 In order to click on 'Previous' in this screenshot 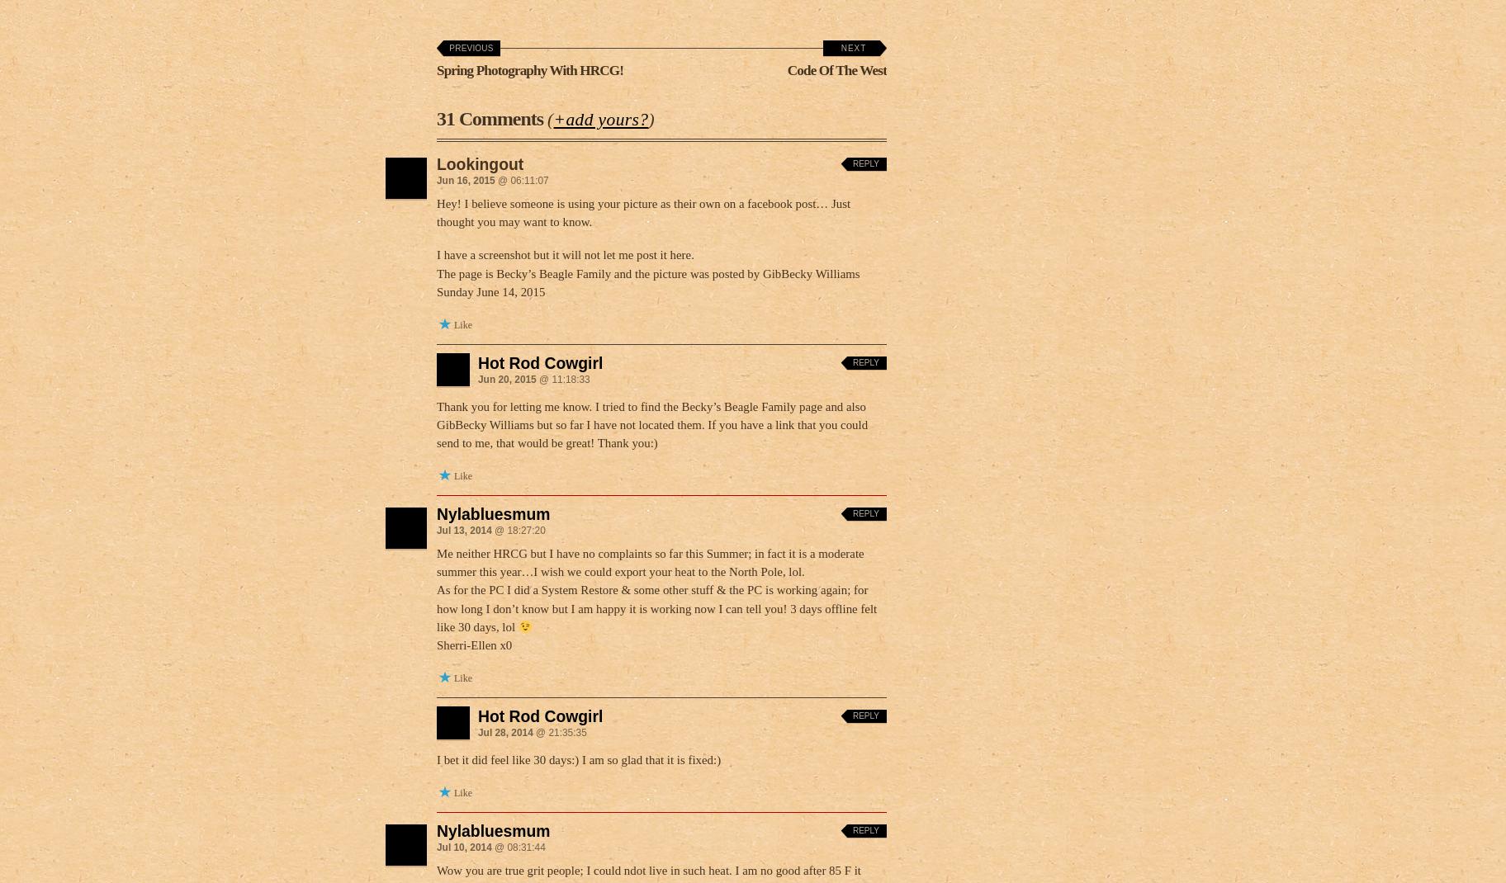, I will do `click(470, 47)`.